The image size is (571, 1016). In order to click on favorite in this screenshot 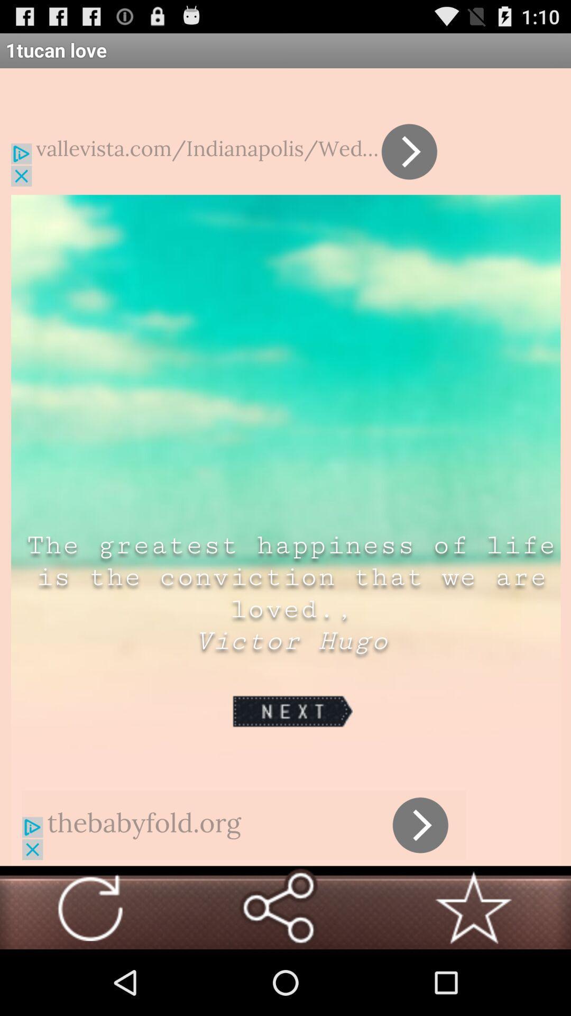, I will do `click(473, 907)`.